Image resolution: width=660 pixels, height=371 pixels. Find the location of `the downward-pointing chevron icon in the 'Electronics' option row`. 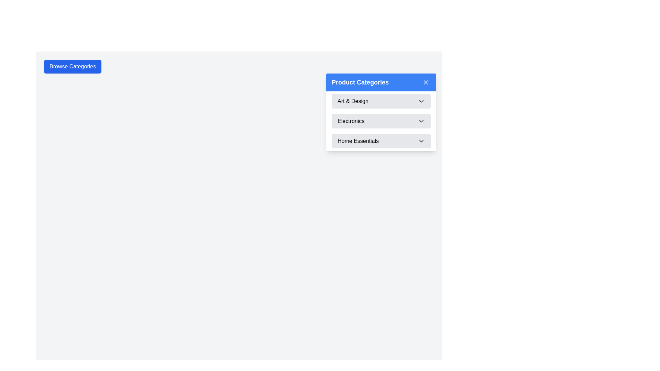

the downward-pointing chevron icon in the 'Electronics' option row is located at coordinates (421, 121).